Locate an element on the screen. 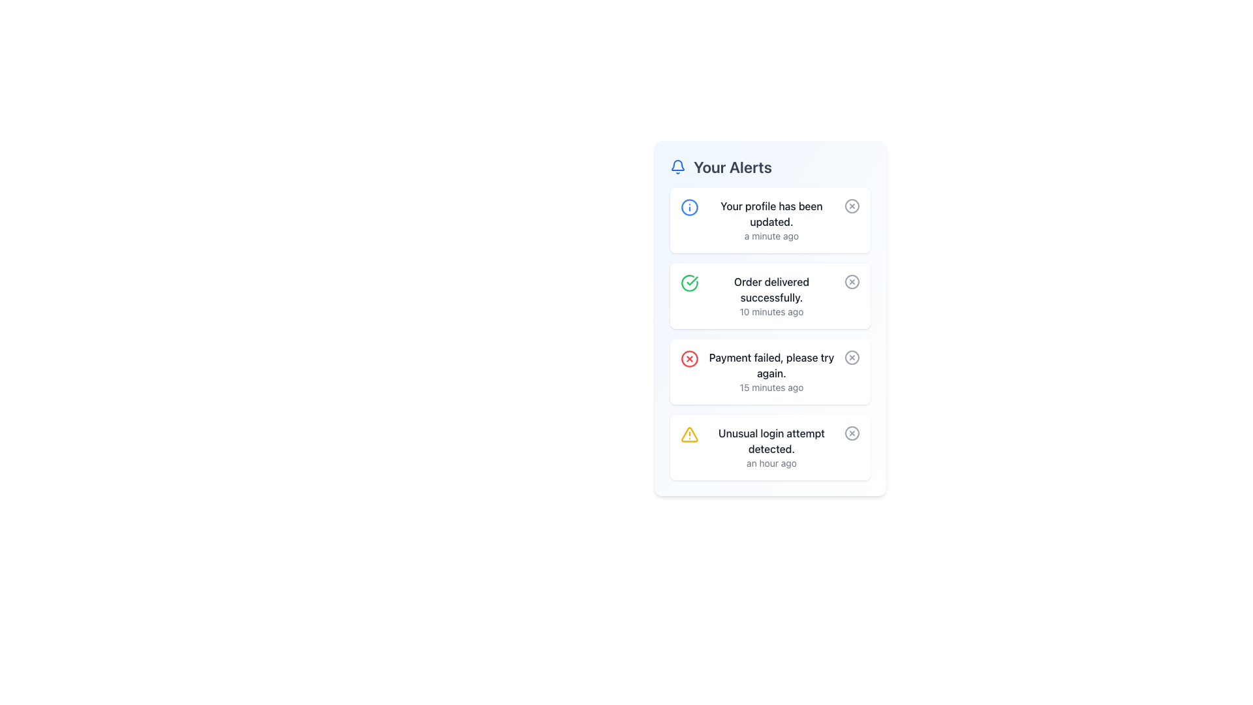 The width and height of the screenshot is (1253, 705). notification message displayed in the text area that states 'Payment failed, please try again.' is located at coordinates (771, 372).